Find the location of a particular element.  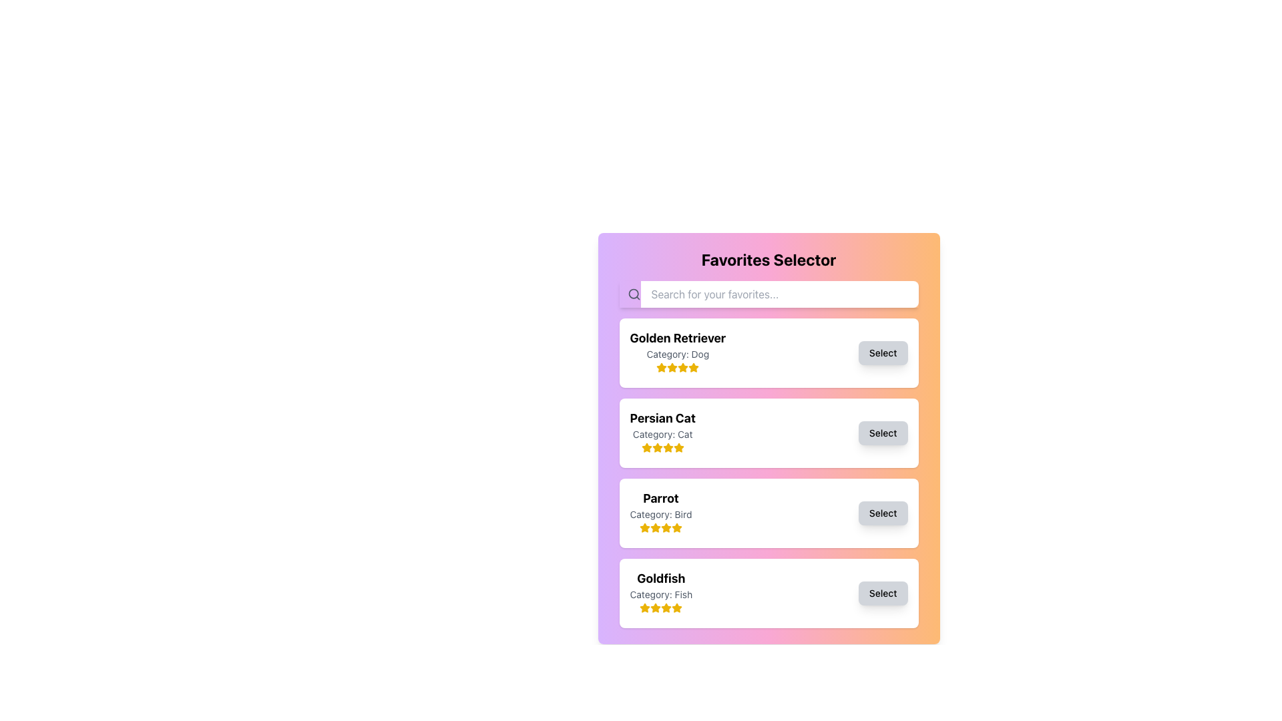

the fifth star icon in the rating system for the 'Goldfish' item, which represents a single unit of a five-star rating is located at coordinates (666, 608).